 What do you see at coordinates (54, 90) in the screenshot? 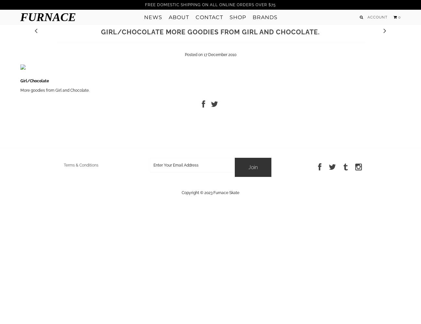
I see `'More goodies from Girl and Chocolate.'` at bounding box center [54, 90].